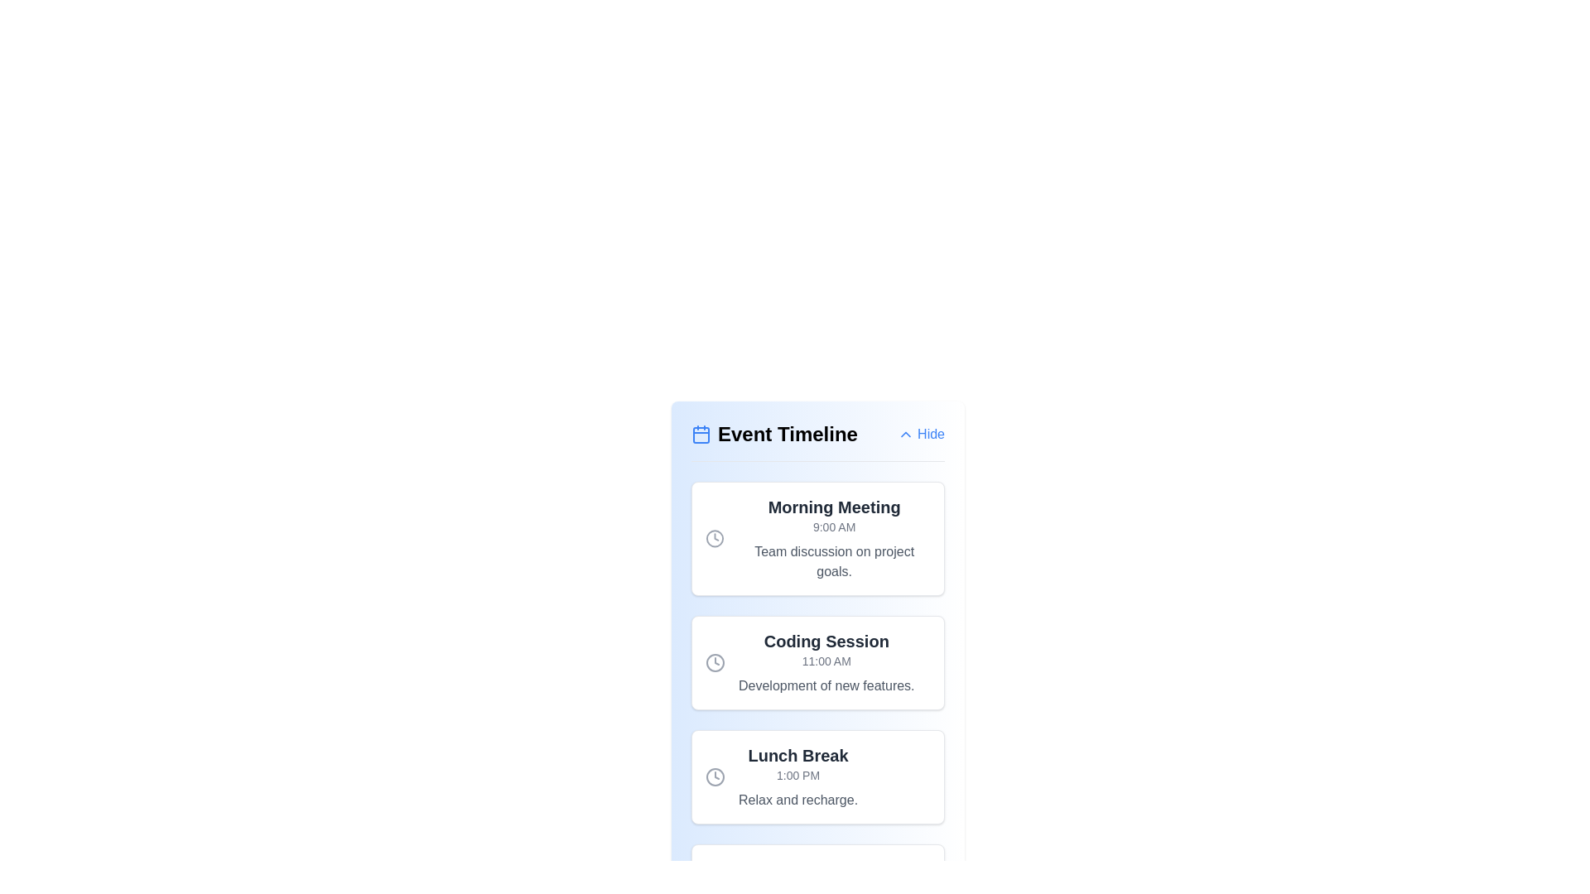 The height and width of the screenshot is (894, 1590). What do you see at coordinates (818, 662) in the screenshot?
I see `the second item in the vertically arranged list of schedule entries in the 'Event Timeline', which provides essential details about the event` at bounding box center [818, 662].